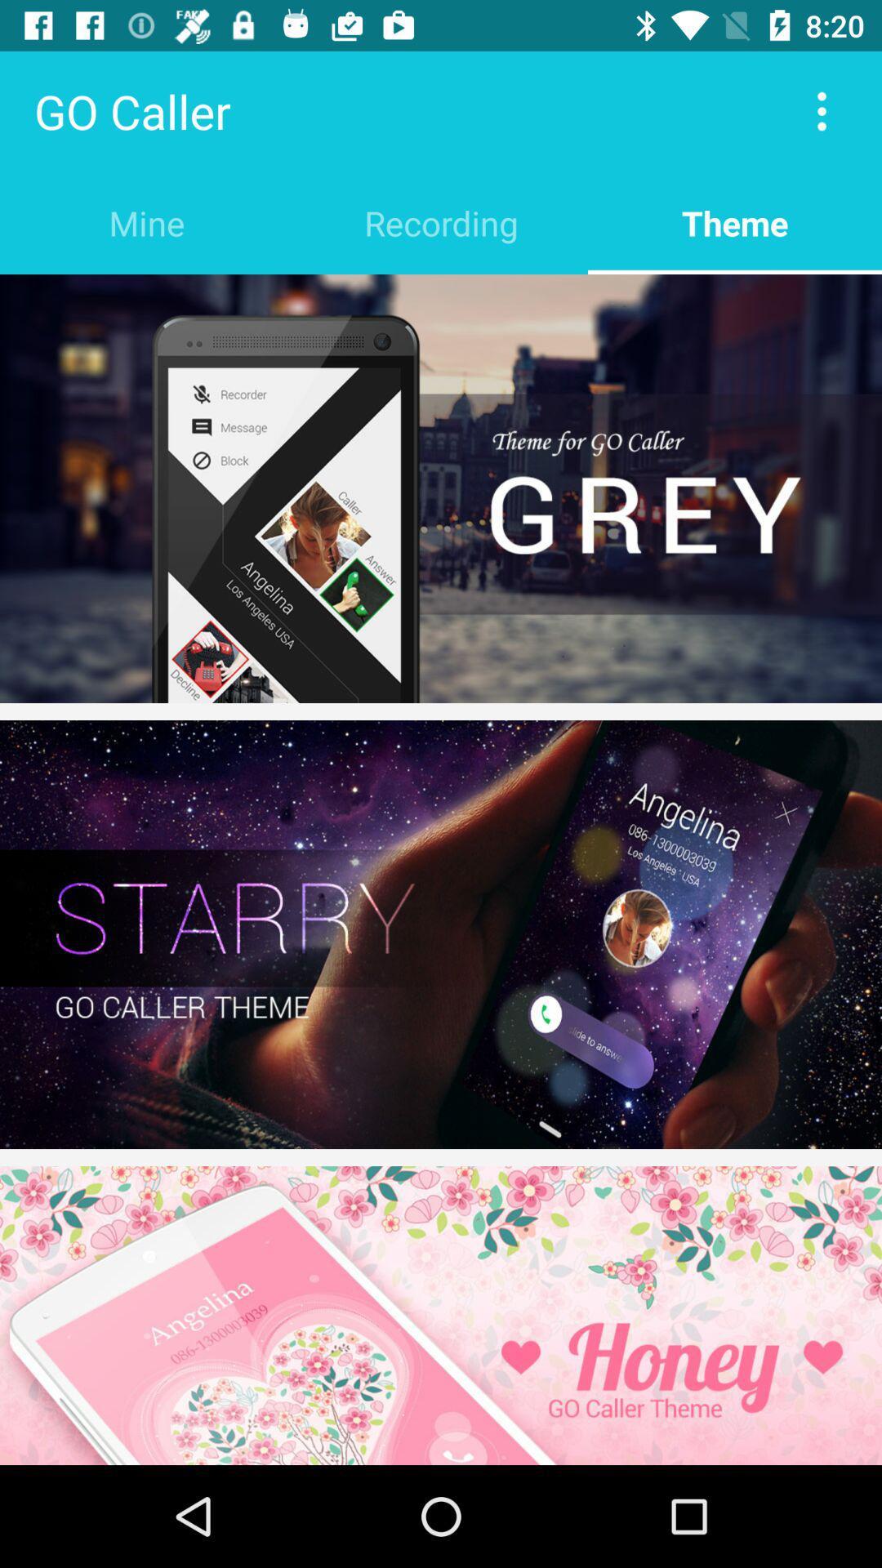 The height and width of the screenshot is (1568, 882). What do you see at coordinates (733, 222) in the screenshot?
I see `the theme item` at bounding box center [733, 222].